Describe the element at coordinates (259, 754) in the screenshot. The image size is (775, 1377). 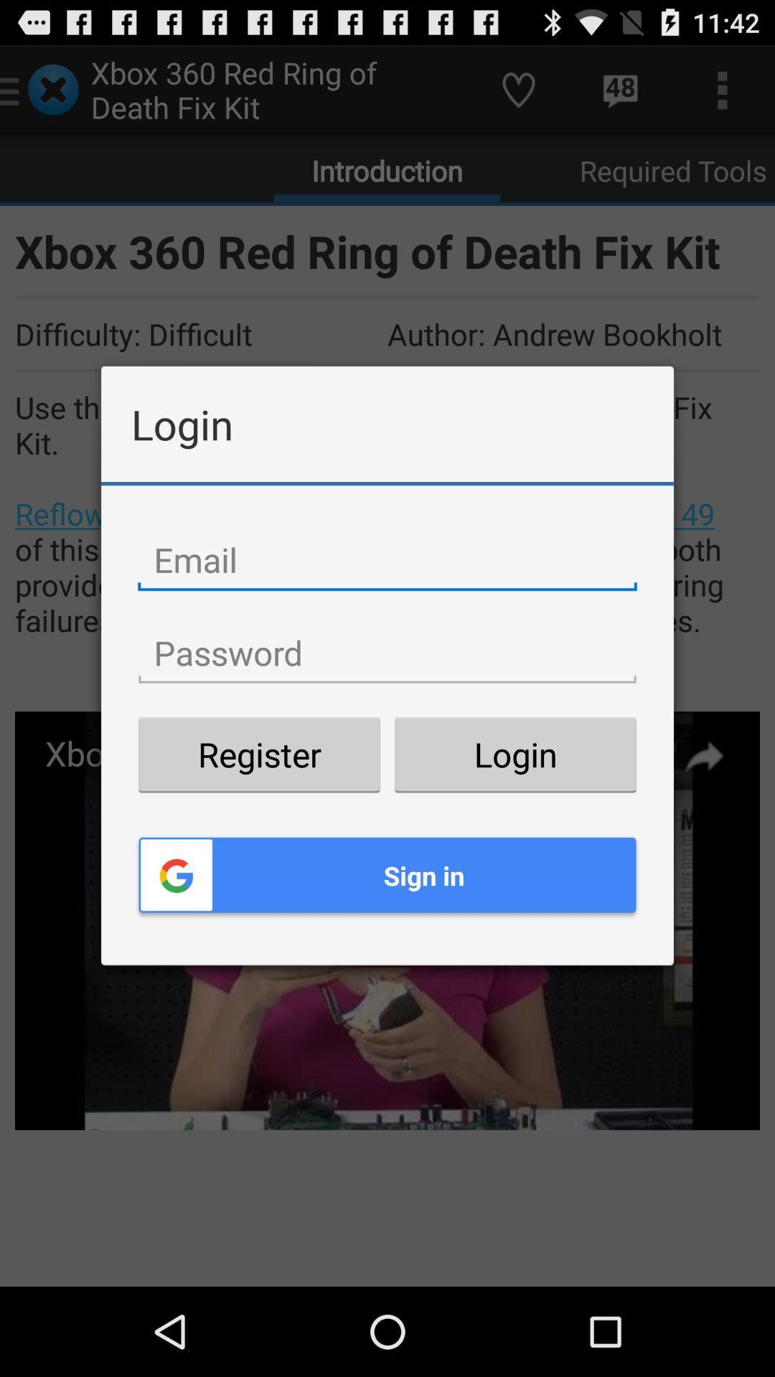
I see `the item next to the login button` at that location.